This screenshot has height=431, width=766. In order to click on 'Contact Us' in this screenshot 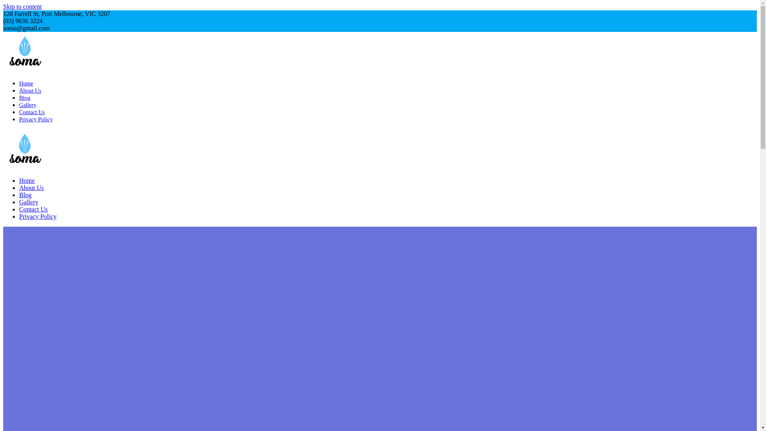, I will do `click(33, 209)`.